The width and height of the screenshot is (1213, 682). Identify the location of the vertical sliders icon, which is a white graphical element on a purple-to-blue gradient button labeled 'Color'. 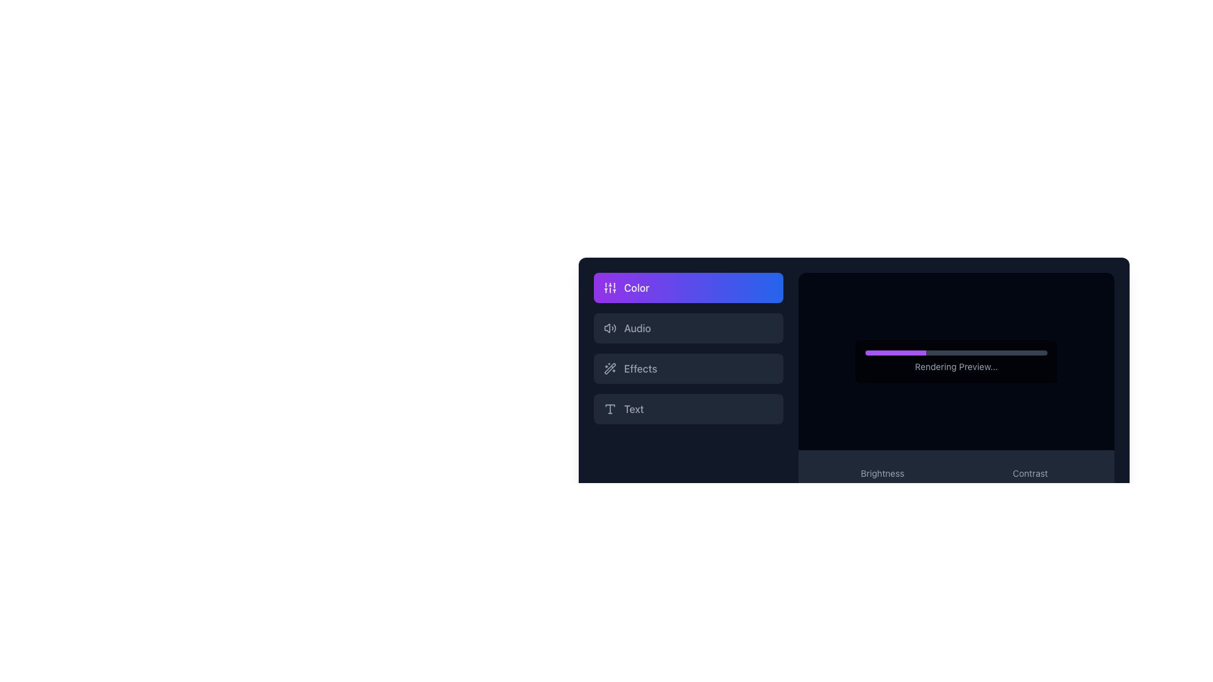
(610, 287).